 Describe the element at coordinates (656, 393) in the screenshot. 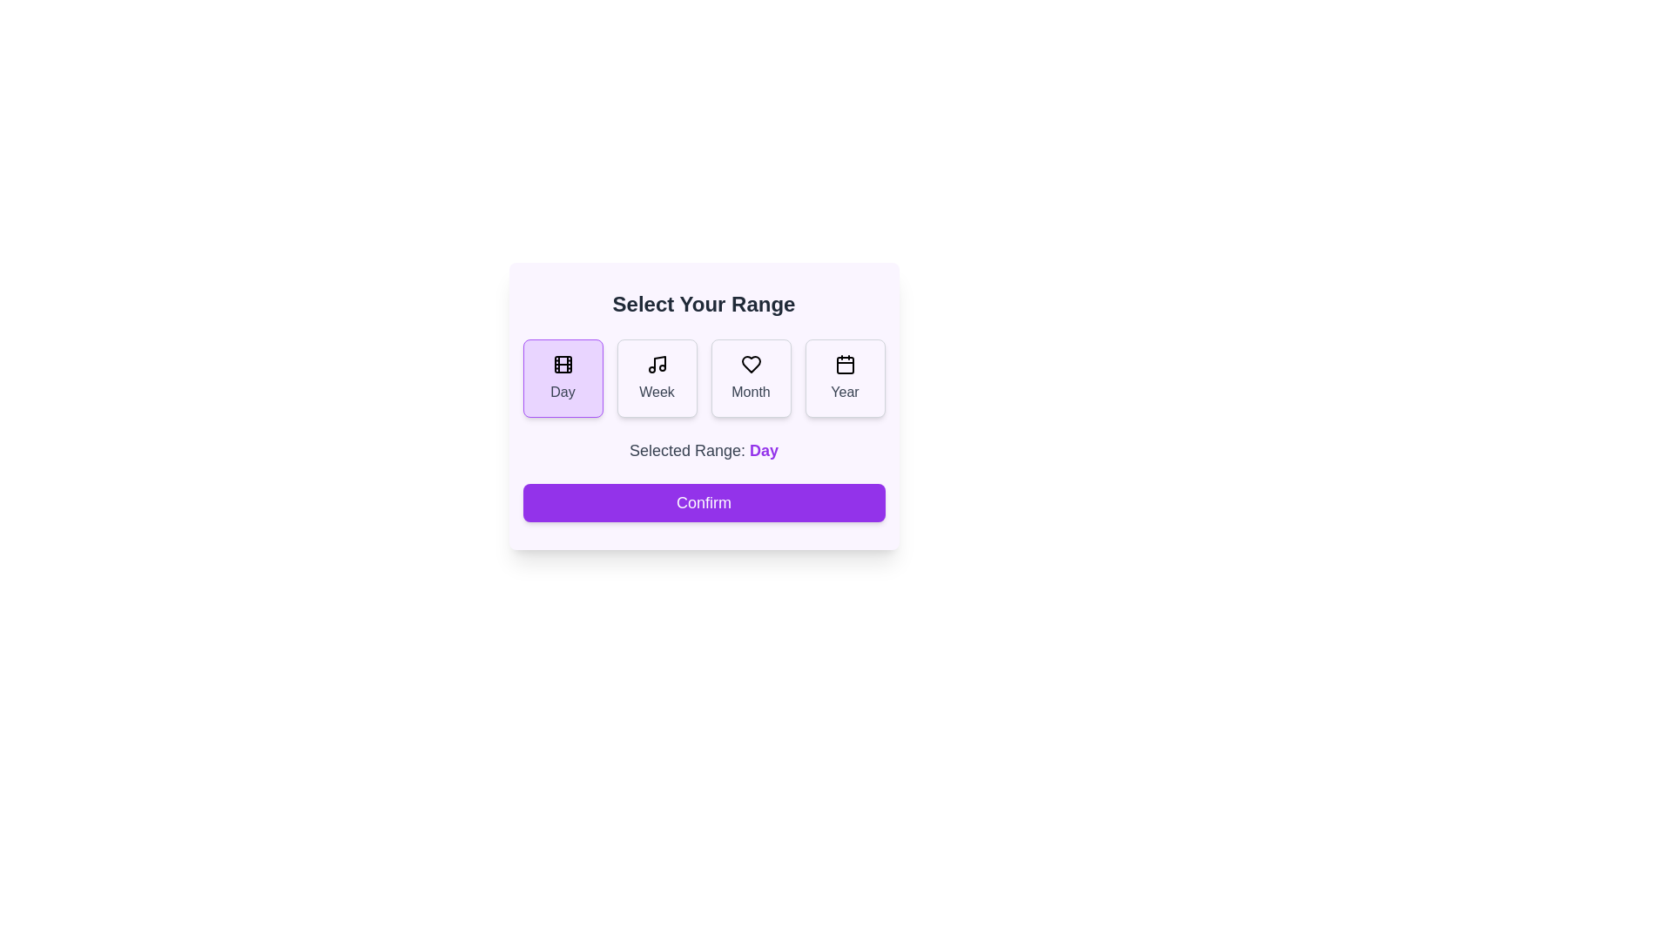

I see `the text content of the label displaying 'Week', which is centrally located in the range selection interface between 'Day' and 'Month'` at that location.